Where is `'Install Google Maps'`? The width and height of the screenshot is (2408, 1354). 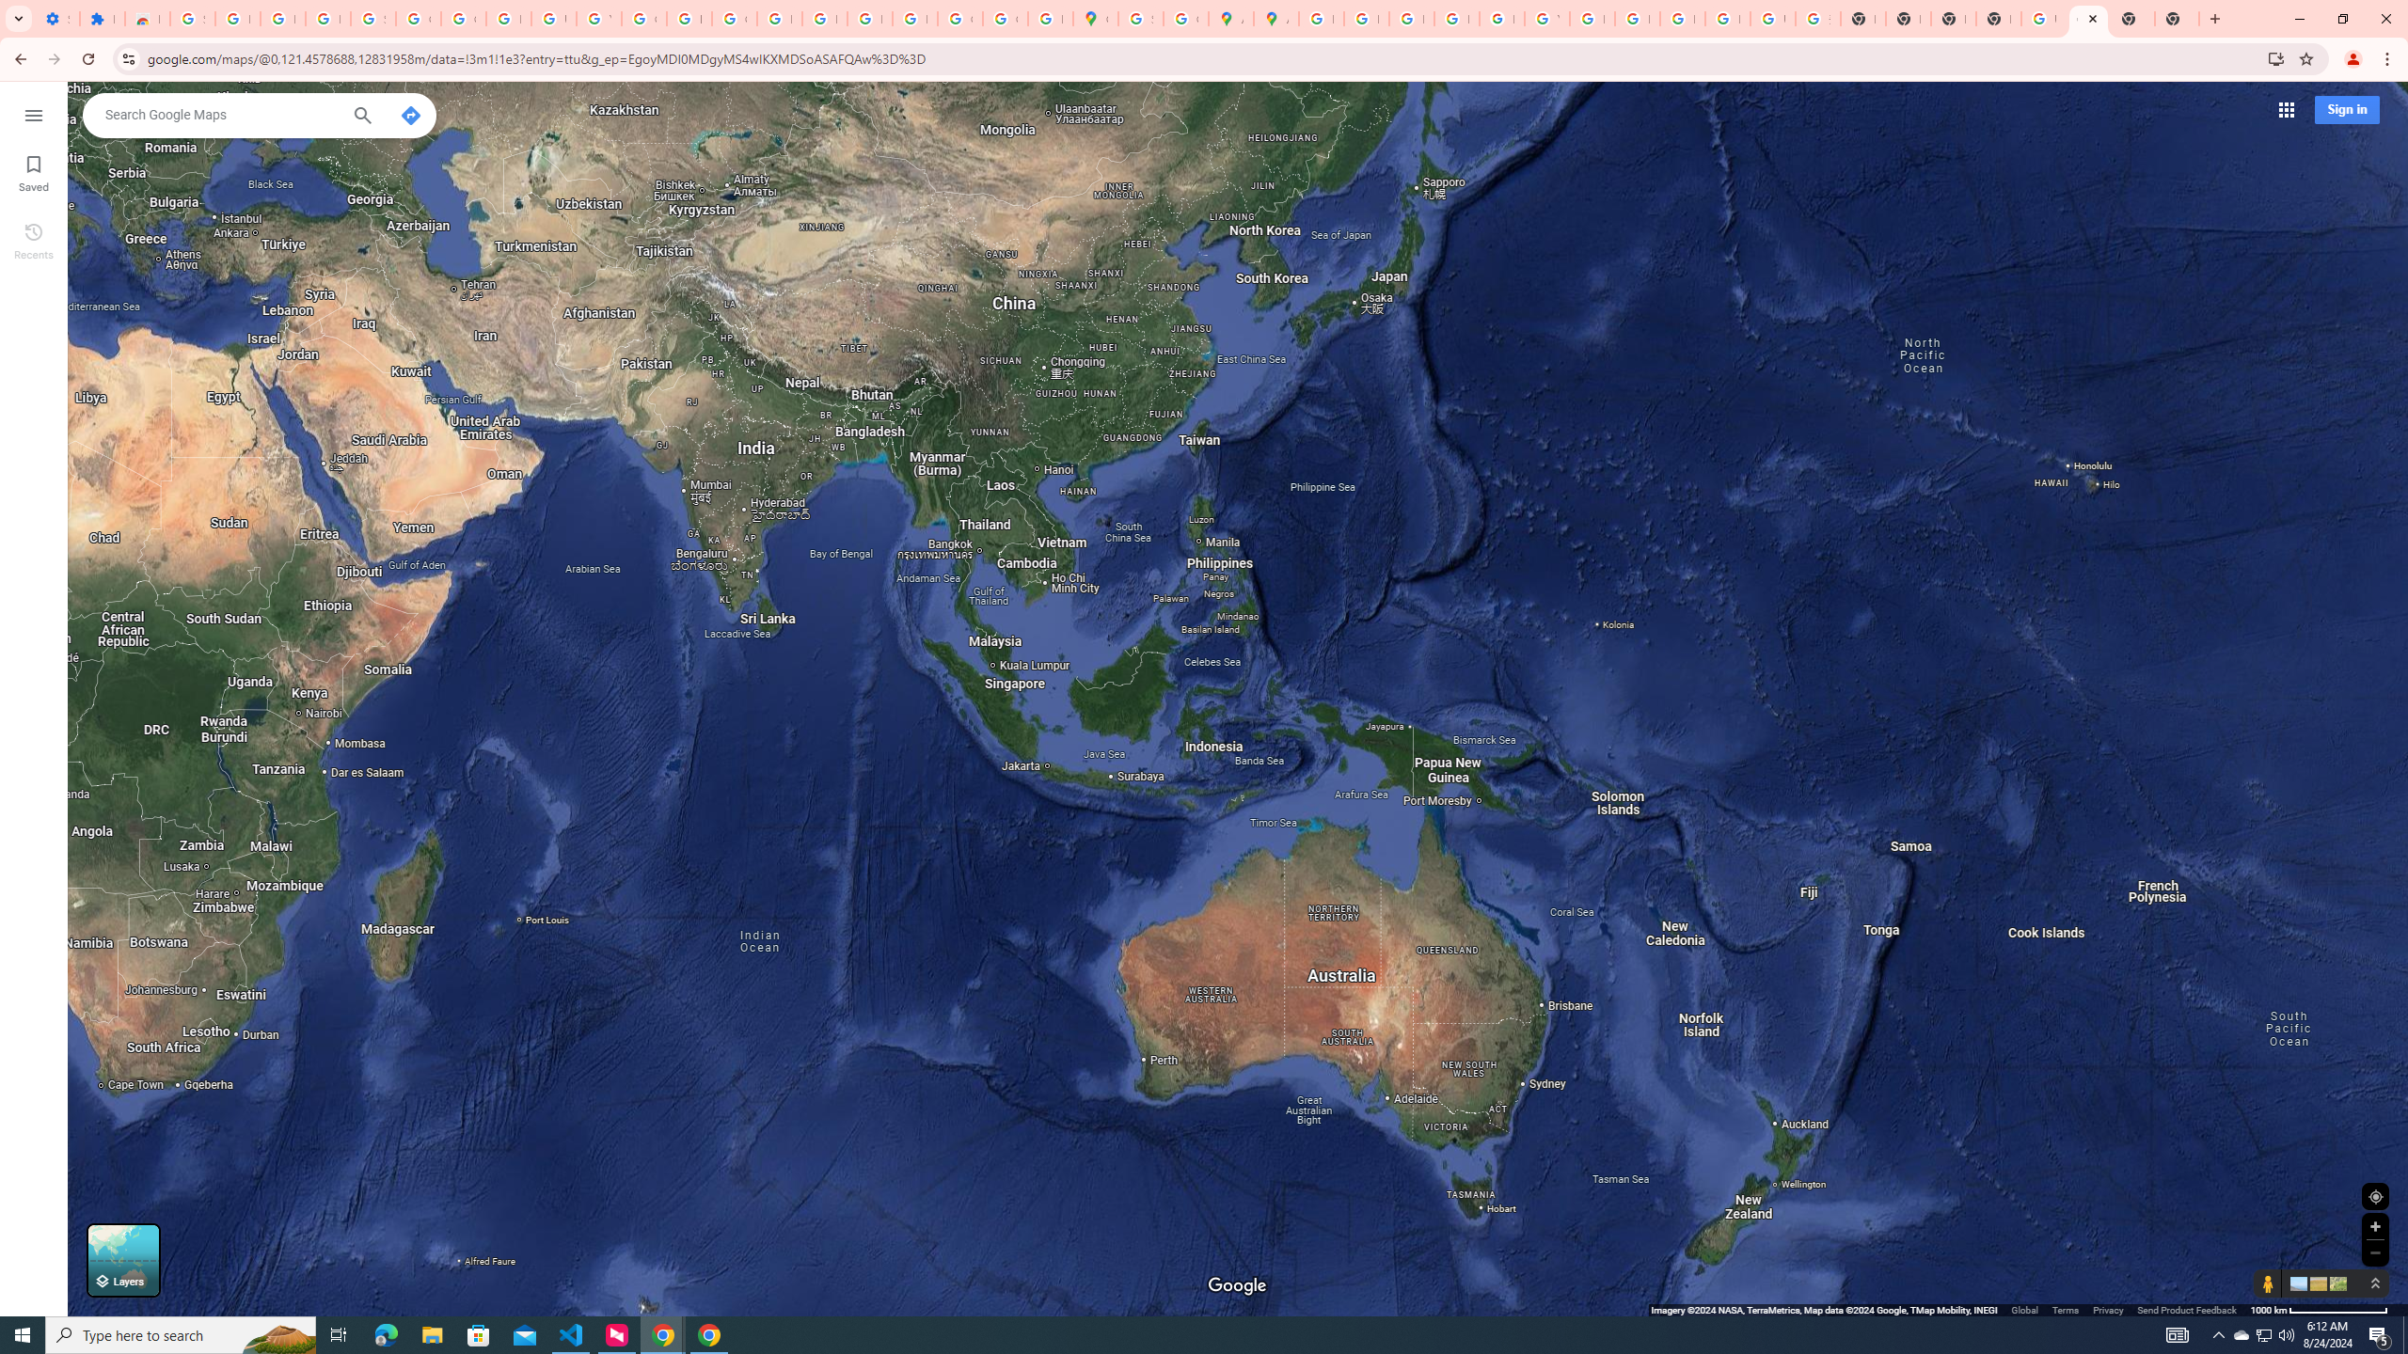 'Install Google Maps' is located at coordinates (2276, 57).